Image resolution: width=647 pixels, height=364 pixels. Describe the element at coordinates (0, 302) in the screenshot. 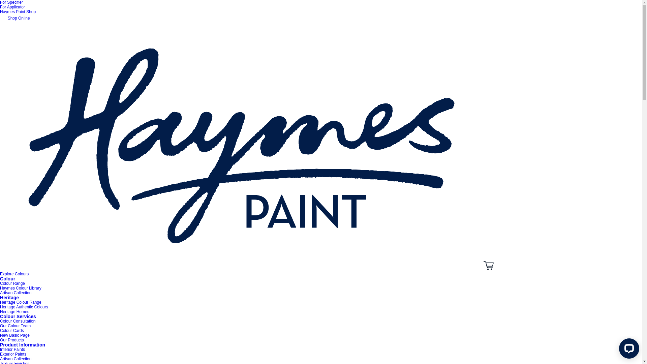

I see `'Heritage Colour Range'` at that location.